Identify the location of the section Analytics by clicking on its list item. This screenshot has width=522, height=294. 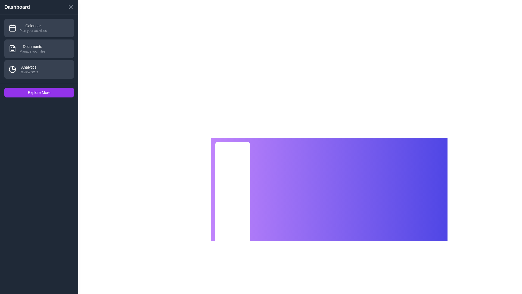
(39, 69).